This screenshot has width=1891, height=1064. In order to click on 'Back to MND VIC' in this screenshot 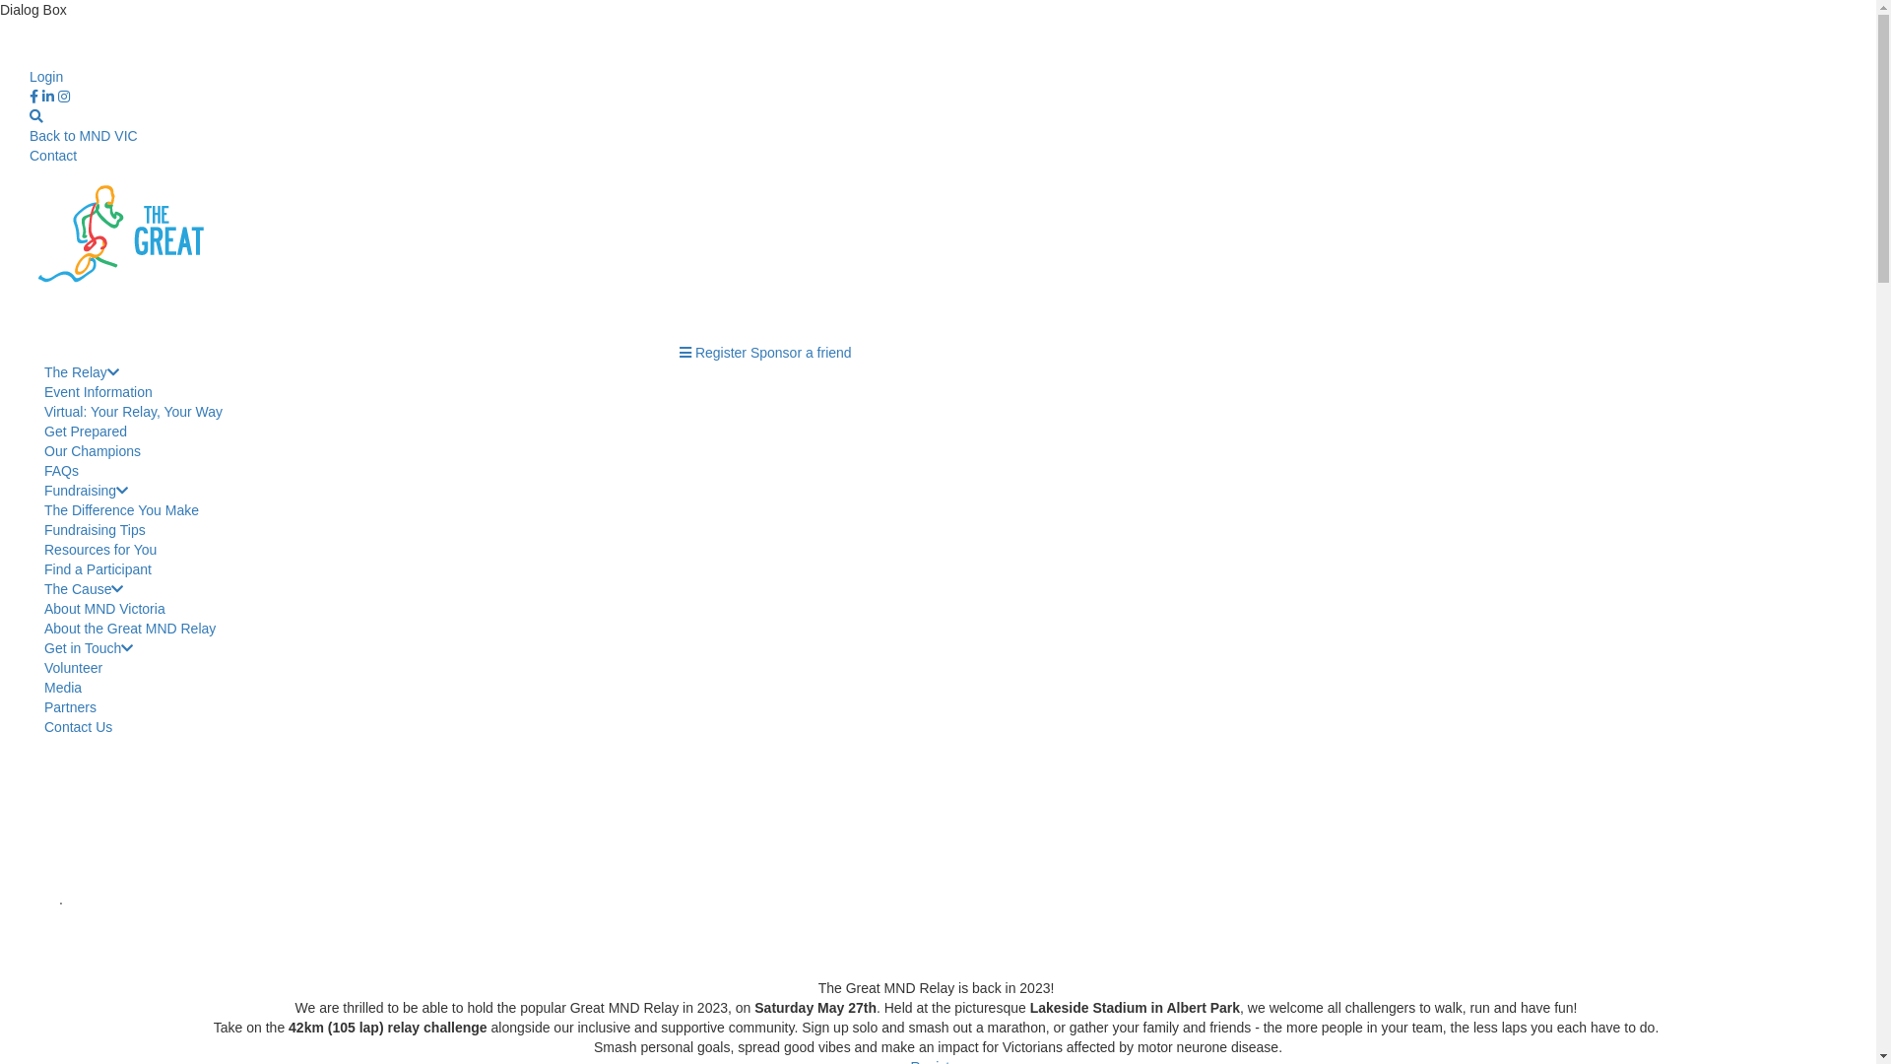, I will do `click(83, 135)`.